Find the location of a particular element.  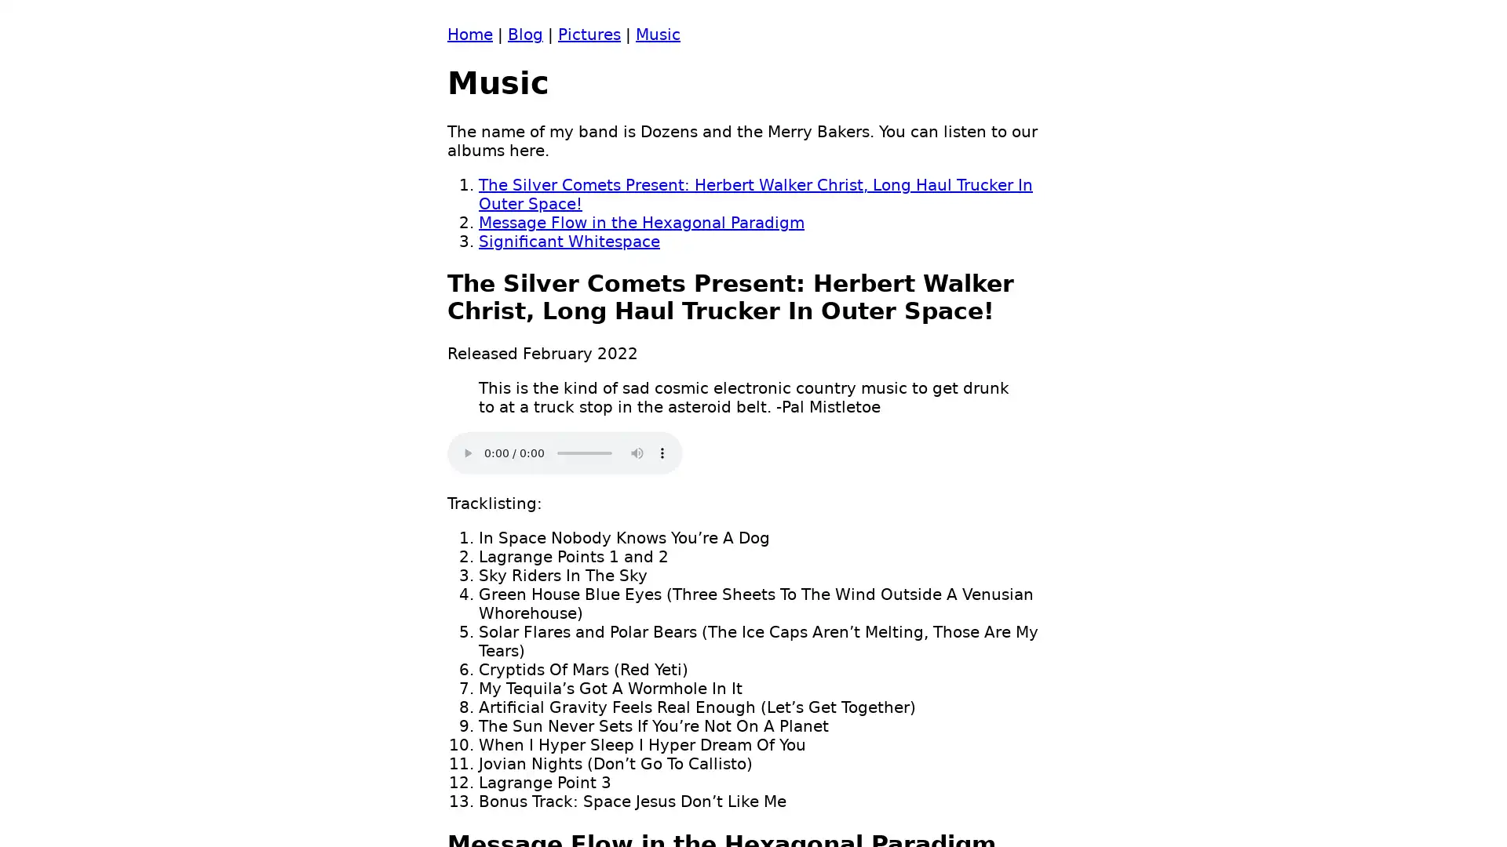

play is located at coordinates (466, 453).